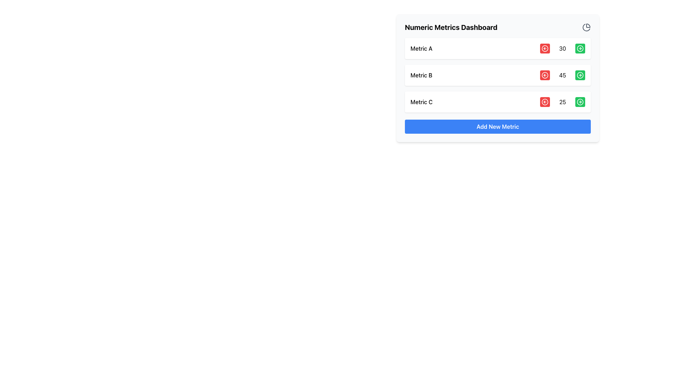  What do you see at coordinates (545, 48) in the screenshot?
I see `the leftmost button in the first row of the Numeric Metrics Dashboard to decrement the numeric value associated with the row displaying the text '30'` at bounding box center [545, 48].